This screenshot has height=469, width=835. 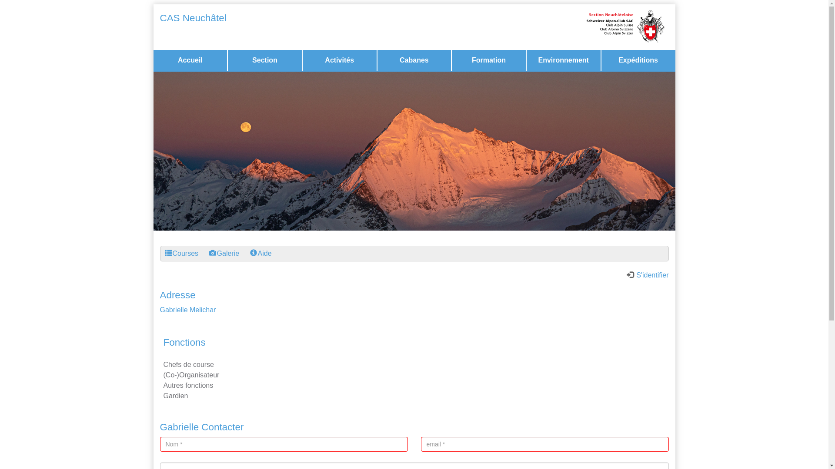 I want to click on 'Accueil', so click(x=189, y=59).